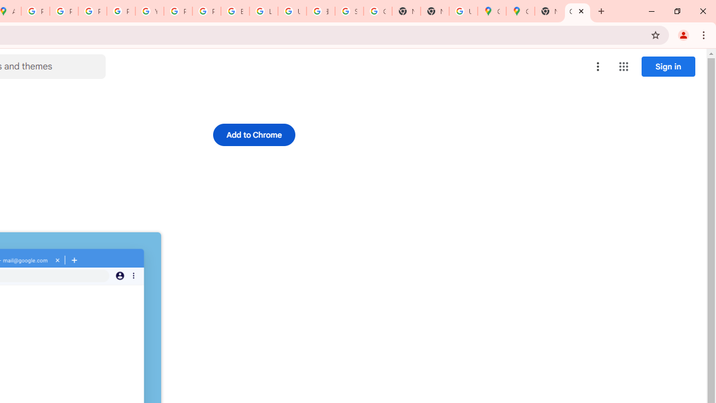 The width and height of the screenshot is (716, 403). I want to click on 'YouTube', so click(149, 11).